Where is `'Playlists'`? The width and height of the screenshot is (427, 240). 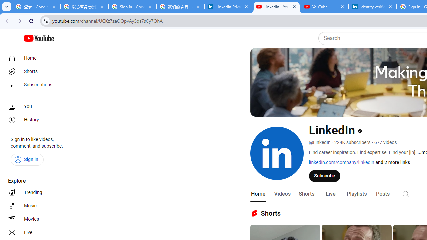 'Playlists' is located at coordinates (356, 194).